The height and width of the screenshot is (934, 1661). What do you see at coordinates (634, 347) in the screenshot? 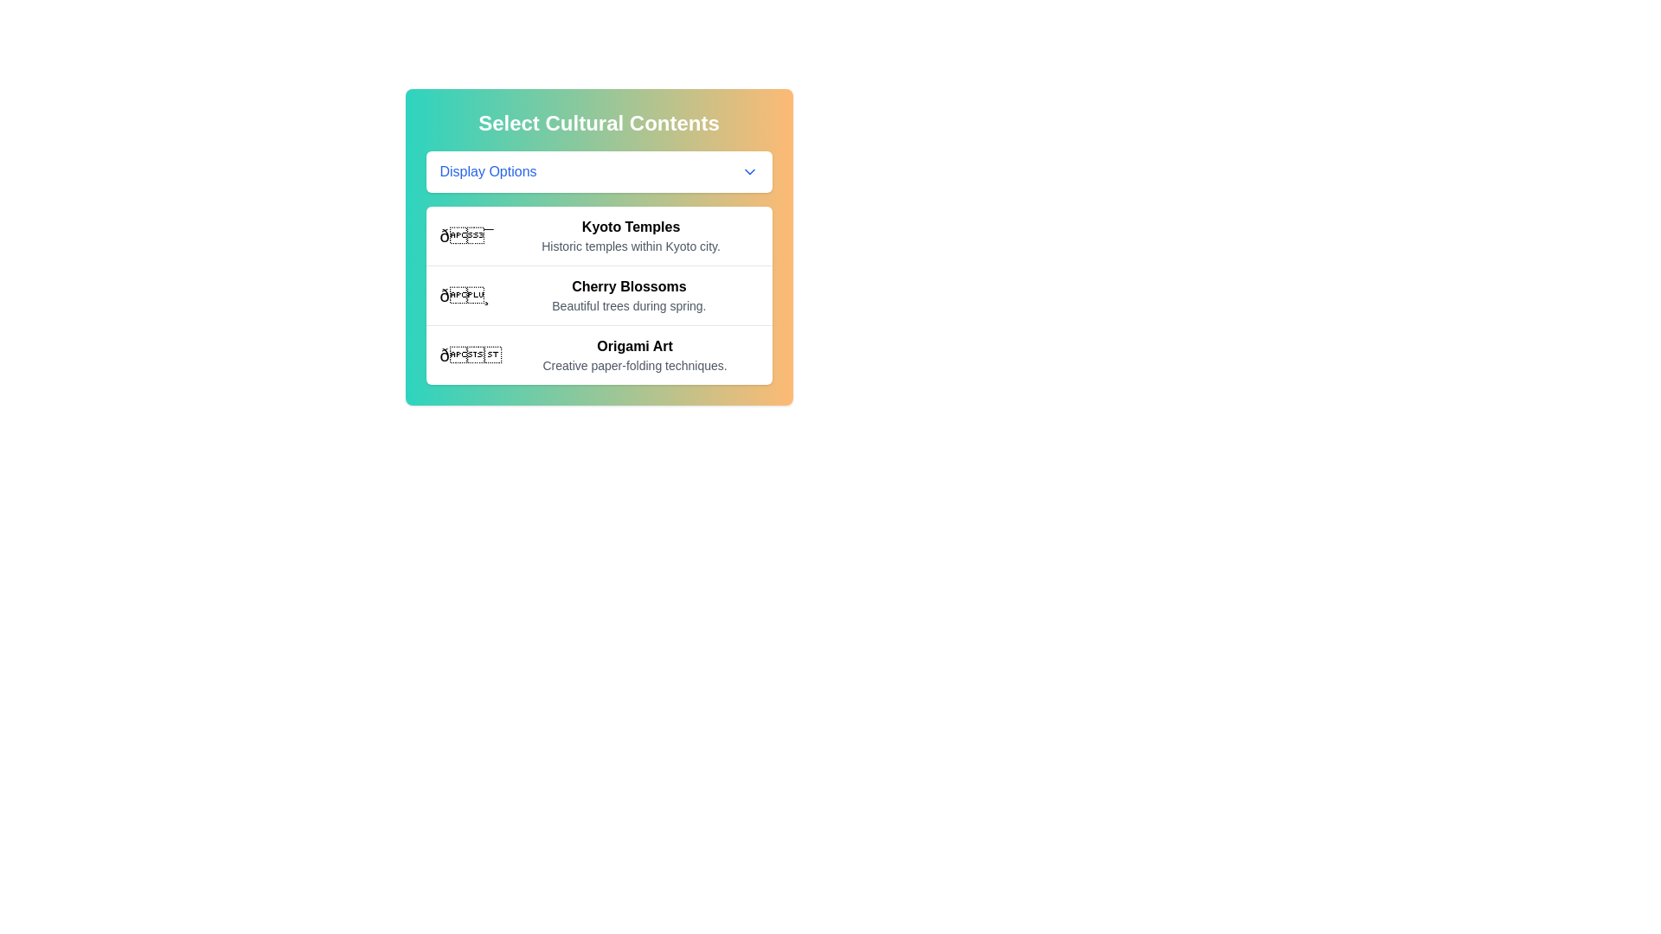
I see `the 'Origami Art' text label/header element, which is styled in bold font and located at the top of the third card in the list, above the description 'Creative paper-folding techniques.'` at bounding box center [634, 347].